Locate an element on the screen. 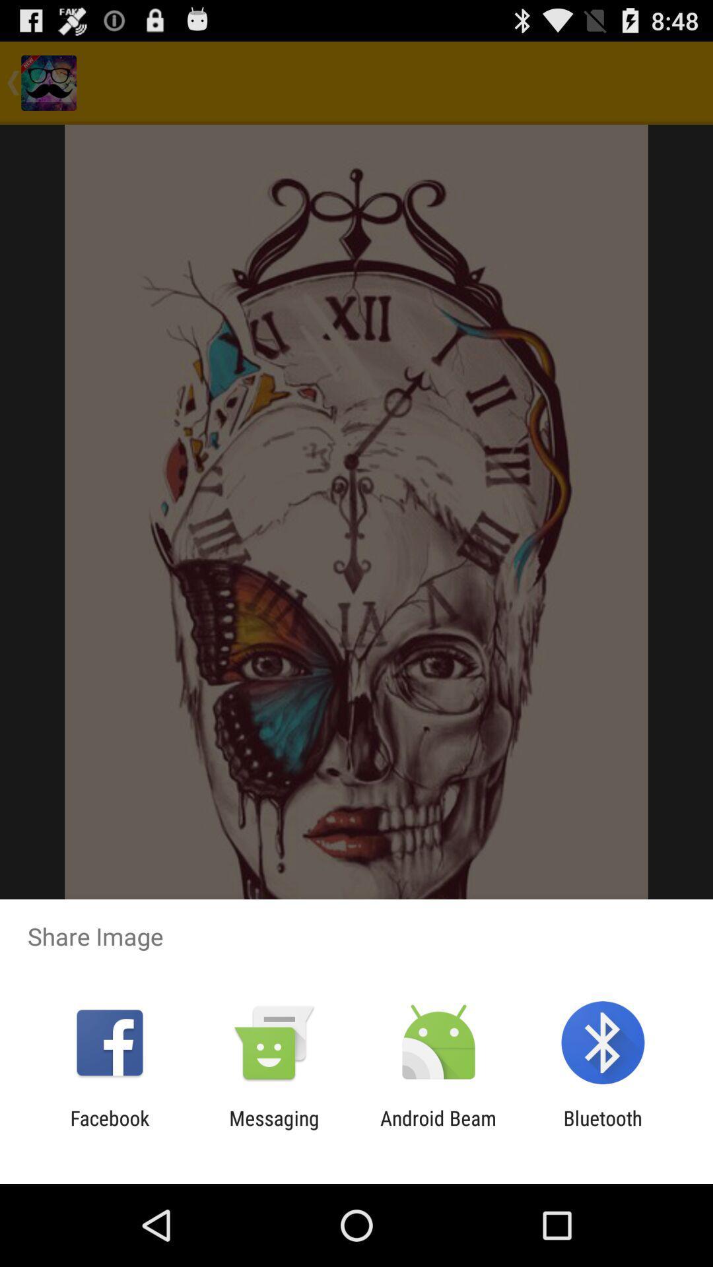 The width and height of the screenshot is (713, 1267). item to the left of the android beam is located at coordinates (273, 1129).